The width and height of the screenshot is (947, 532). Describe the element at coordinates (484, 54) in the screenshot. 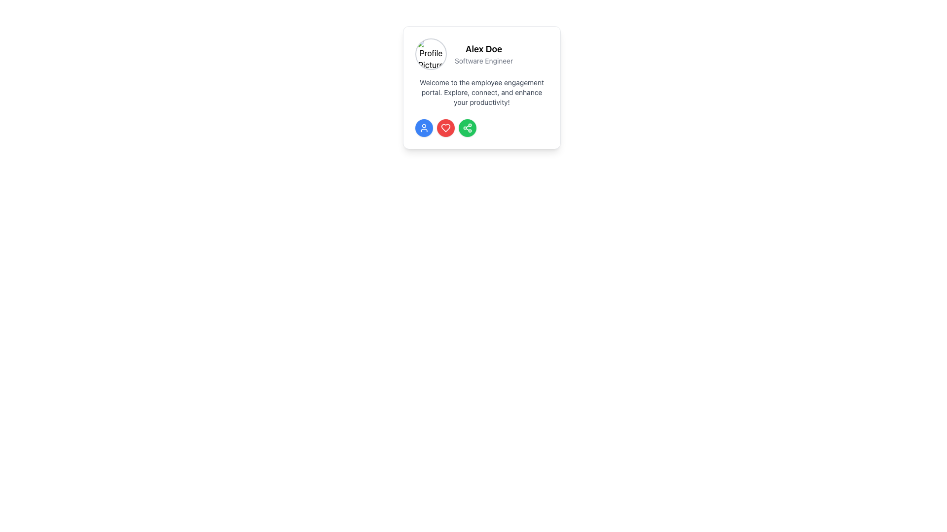

I see `user's name and professional title displayed on the user profile, which is located on the right-hand side of the circular profile picture, showing 'Alex Doe' and 'Software Engineer'` at that location.